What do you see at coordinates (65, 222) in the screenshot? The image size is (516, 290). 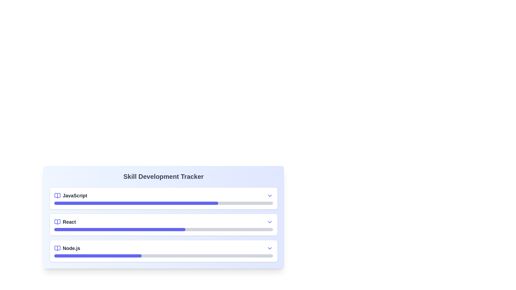 I see `the icon associated with the 'React' label, which is the second item in a vertically aligned list of three items` at bounding box center [65, 222].